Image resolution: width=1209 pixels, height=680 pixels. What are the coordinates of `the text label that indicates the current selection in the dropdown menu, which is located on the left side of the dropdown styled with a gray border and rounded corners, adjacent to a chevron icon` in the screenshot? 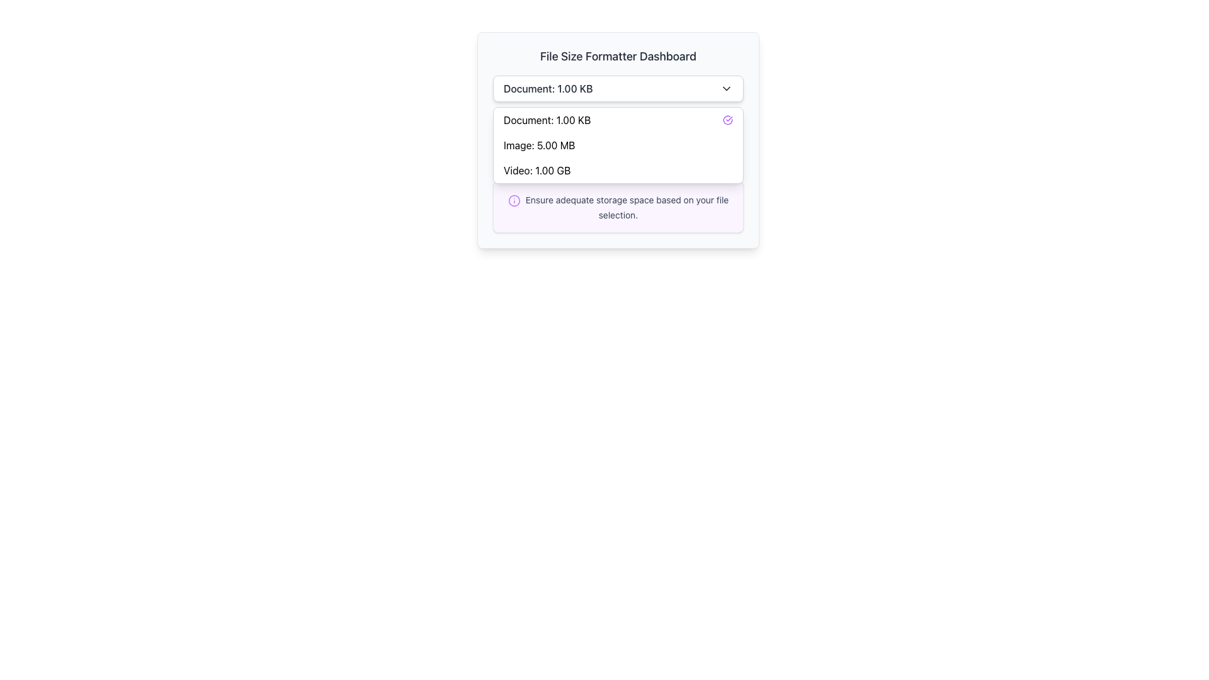 It's located at (548, 88).